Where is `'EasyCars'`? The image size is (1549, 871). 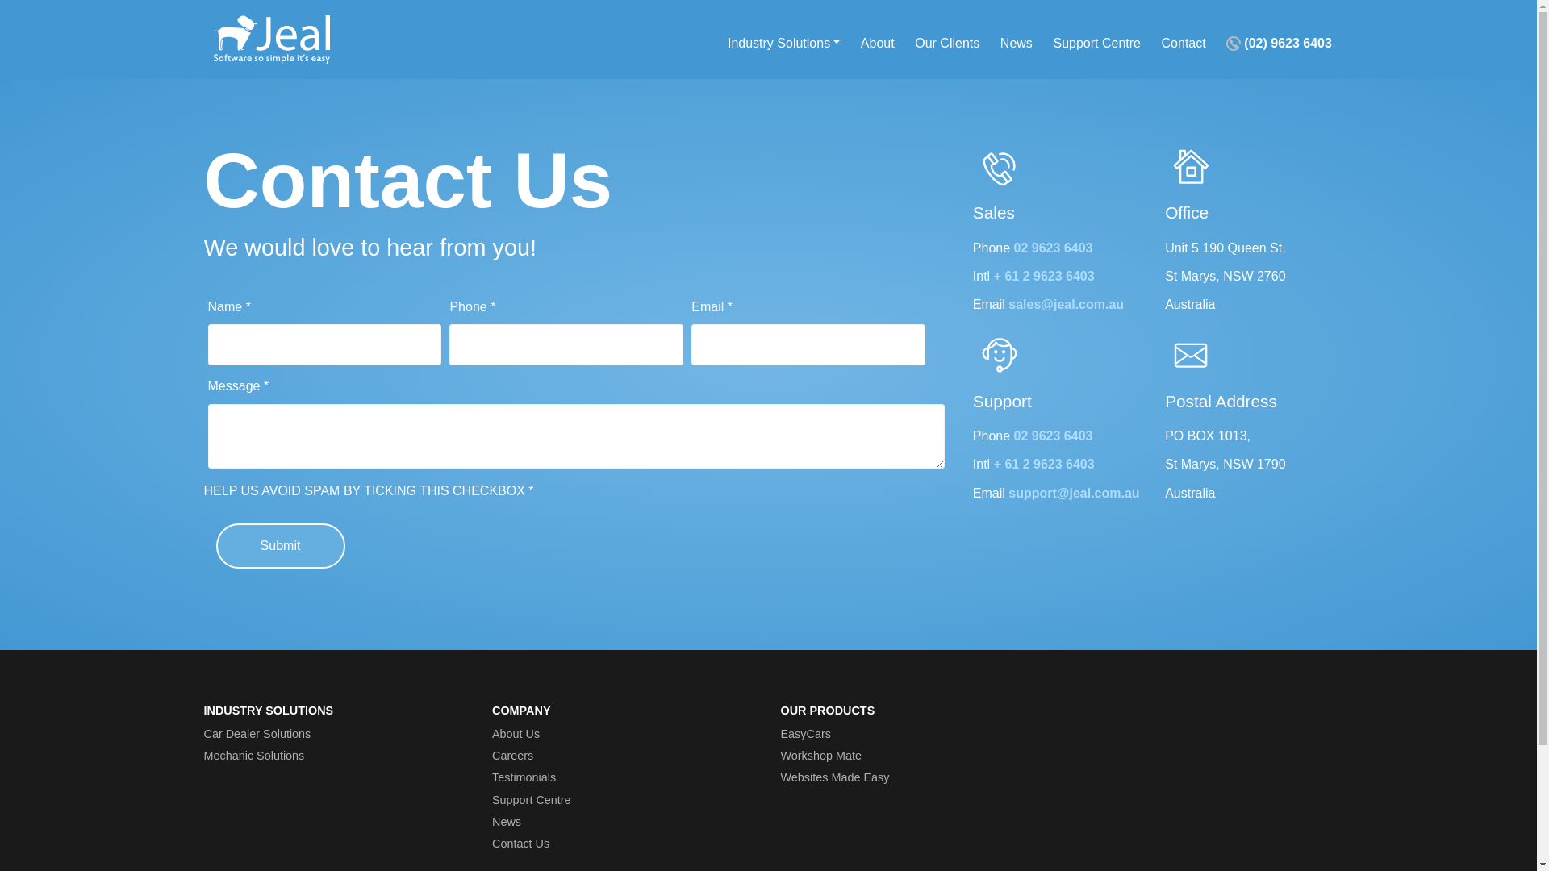 'EasyCars' is located at coordinates (781, 734).